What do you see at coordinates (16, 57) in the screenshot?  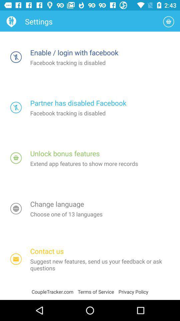 I see `connect with facebook` at bounding box center [16, 57].